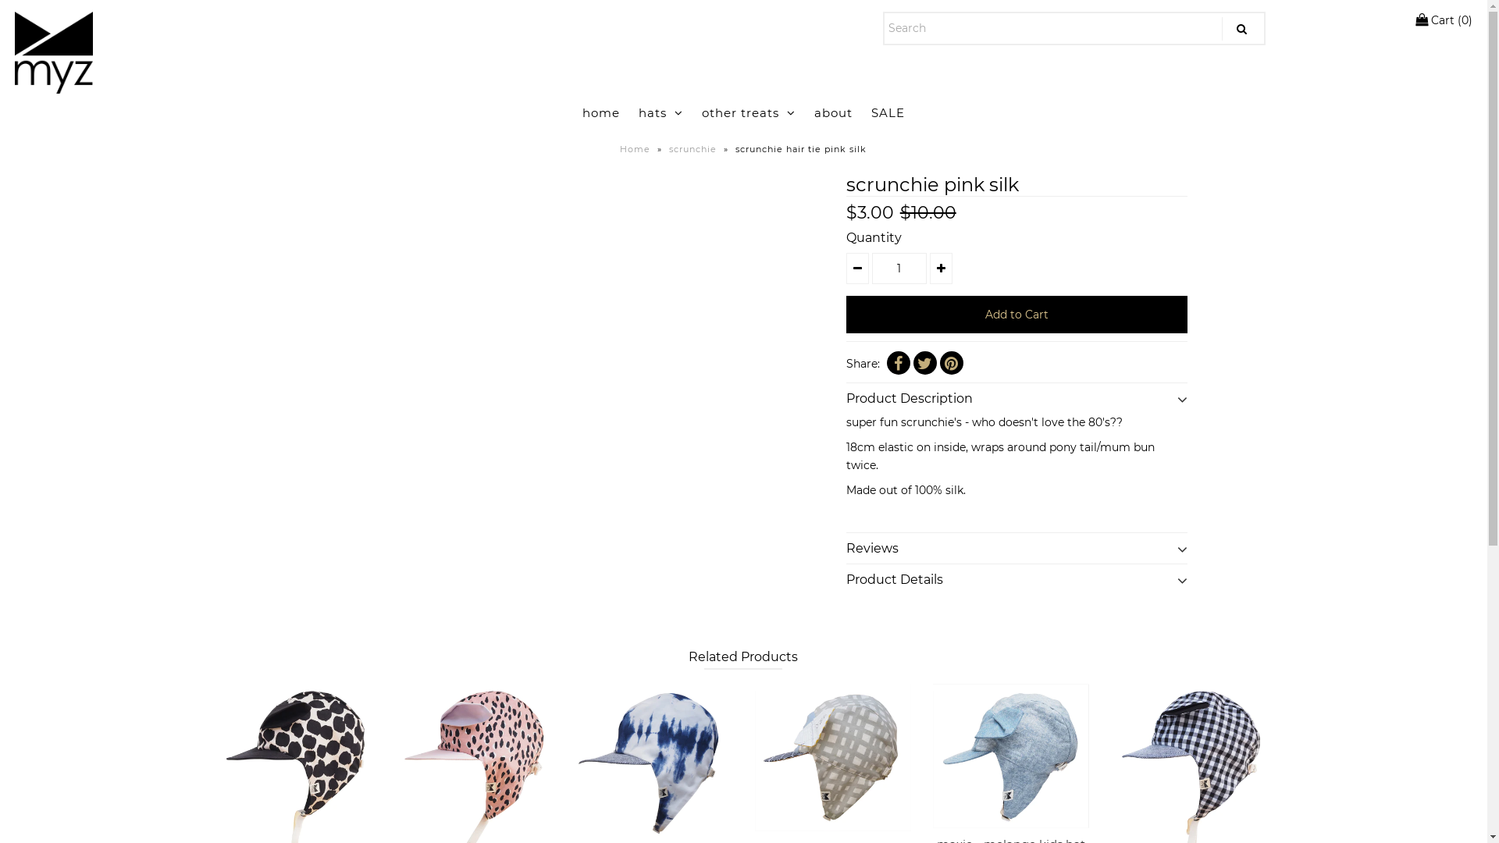 The height and width of the screenshot is (843, 1499). I want to click on 'Share on Pinterest', so click(951, 363).